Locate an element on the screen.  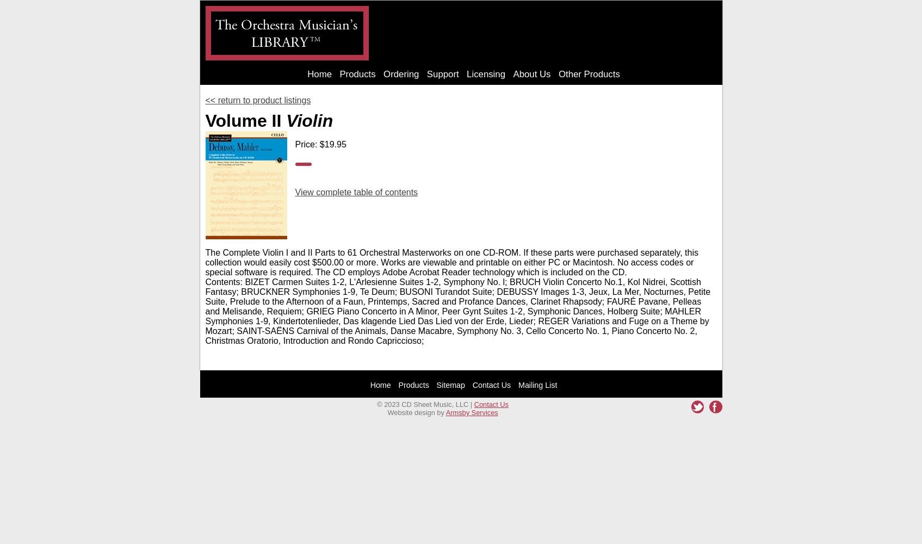
'Contents: BIZET Carmen Suites 1-2, L'Arlesienne Suites 1-2, Symphony No. l; BRUCH Violin Concerto No.1, Kol Nidrei, Scottish Fantasy; BRUCKNER Symphonies 1-9, Te Deum; BUSONI Turandot Suite; DEBUSSY Images 1-3, Jeux, La Mer, Nocturnes, Petite Suite, Prelude to the Afternoon of a Faun, Printemps, Sacred and Profance Dances, Clarinet Rhapsody; FAURÉ Pavane, Pelleas and Melisande, Requiem; GRIEG Piano Concerto in A Minor, Peer Gynt Suites 1-2, Symphonic Dances, Holberg Suite; MAHLER Symphonies 1-9, Kindertotenlieder, Das klagende Lied Das Lied von der Erde, Lieder; REGER Variations and Fuge on a Theme by Mozart; SAINT-SAËNS Carnival of the Animals, Danse Macabre, Symphony No. 3, Cello Concerto No. 1, Piano Concerto No. 2, Christmas Oratorio, Introduction and Rondo Capriccioso;' is located at coordinates (457, 311).